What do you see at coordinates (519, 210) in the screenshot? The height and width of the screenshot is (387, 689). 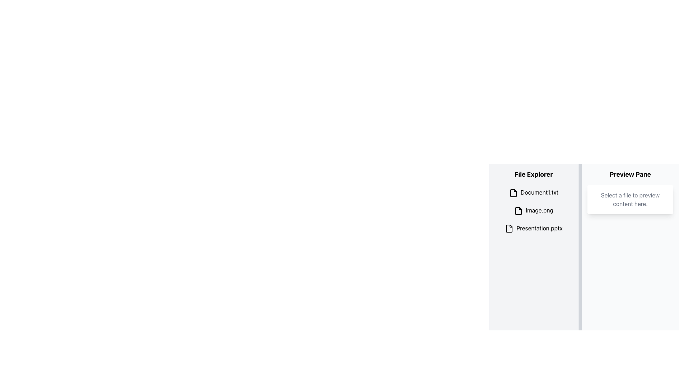 I see `the first file icon labeled 'Image.png' in the 'File Explorer' section` at bounding box center [519, 210].